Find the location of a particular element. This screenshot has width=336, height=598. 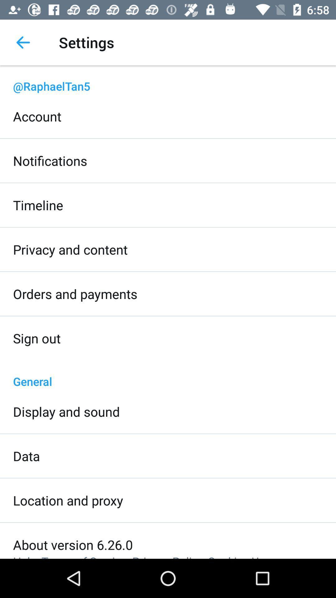

the about version 6 is located at coordinates (72, 544).